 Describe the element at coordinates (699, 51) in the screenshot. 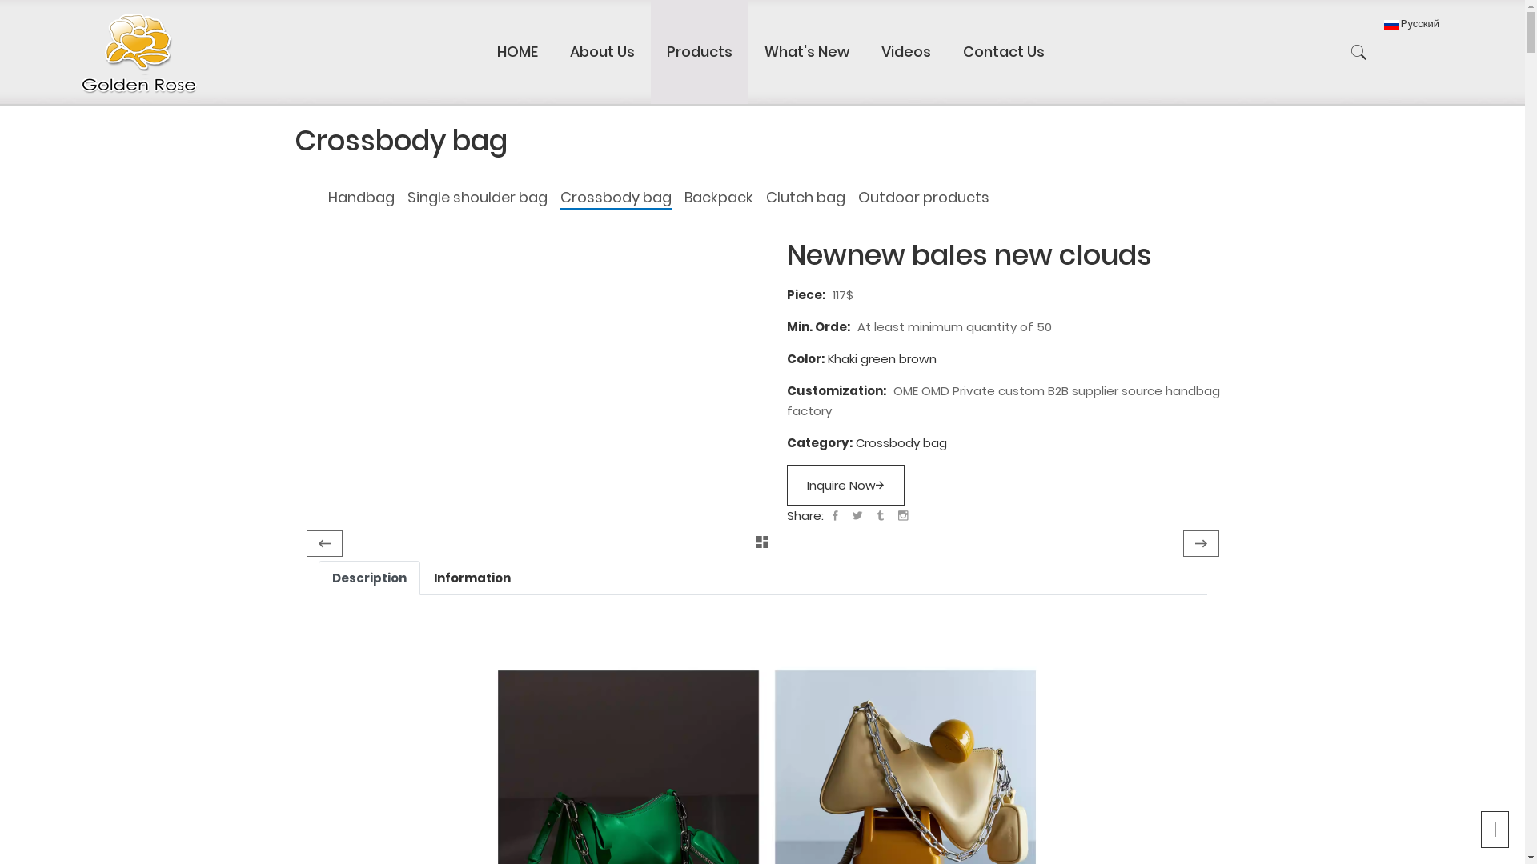

I see `'Products'` at that location.